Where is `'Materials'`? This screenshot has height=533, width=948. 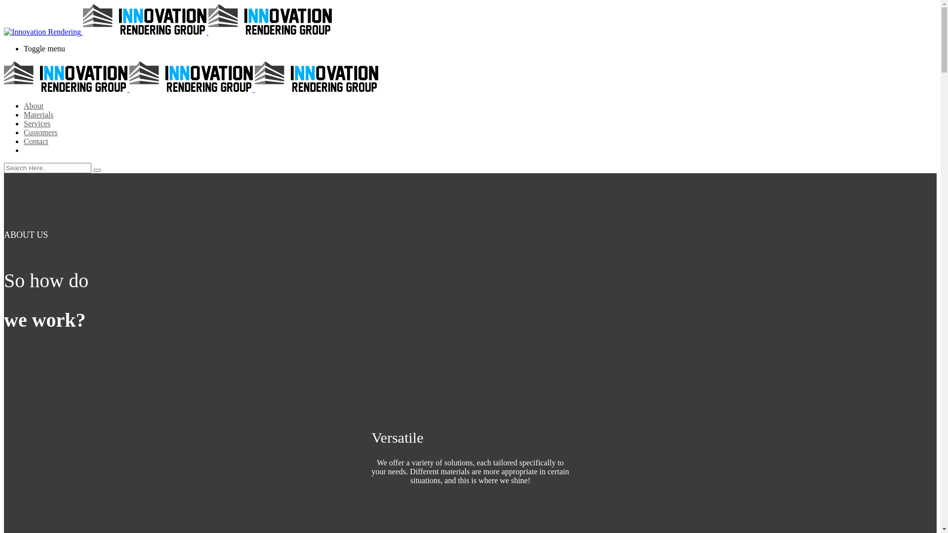
'Materials' is located at coordinates (38, 114).